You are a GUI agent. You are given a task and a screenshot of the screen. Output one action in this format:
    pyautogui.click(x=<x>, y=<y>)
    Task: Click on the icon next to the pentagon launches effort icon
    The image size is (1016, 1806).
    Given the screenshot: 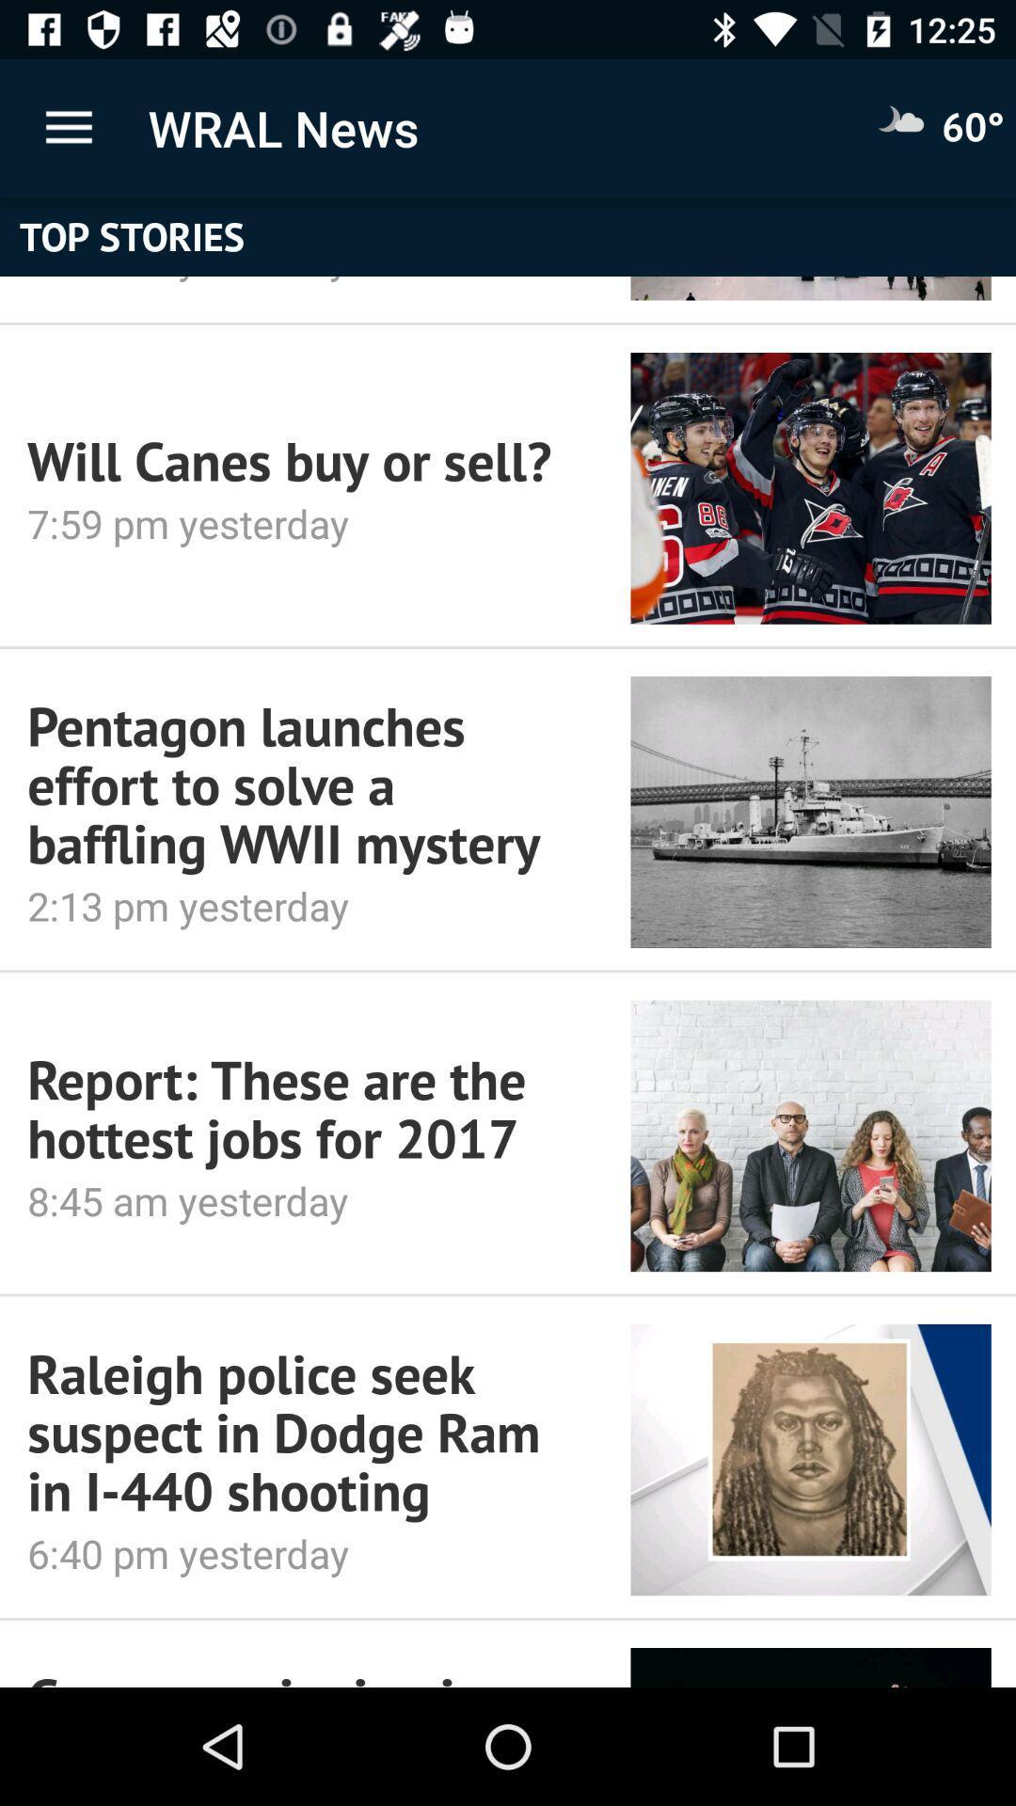 What is the action you would take?
    pyautogui.click(x=810, y=812)
    